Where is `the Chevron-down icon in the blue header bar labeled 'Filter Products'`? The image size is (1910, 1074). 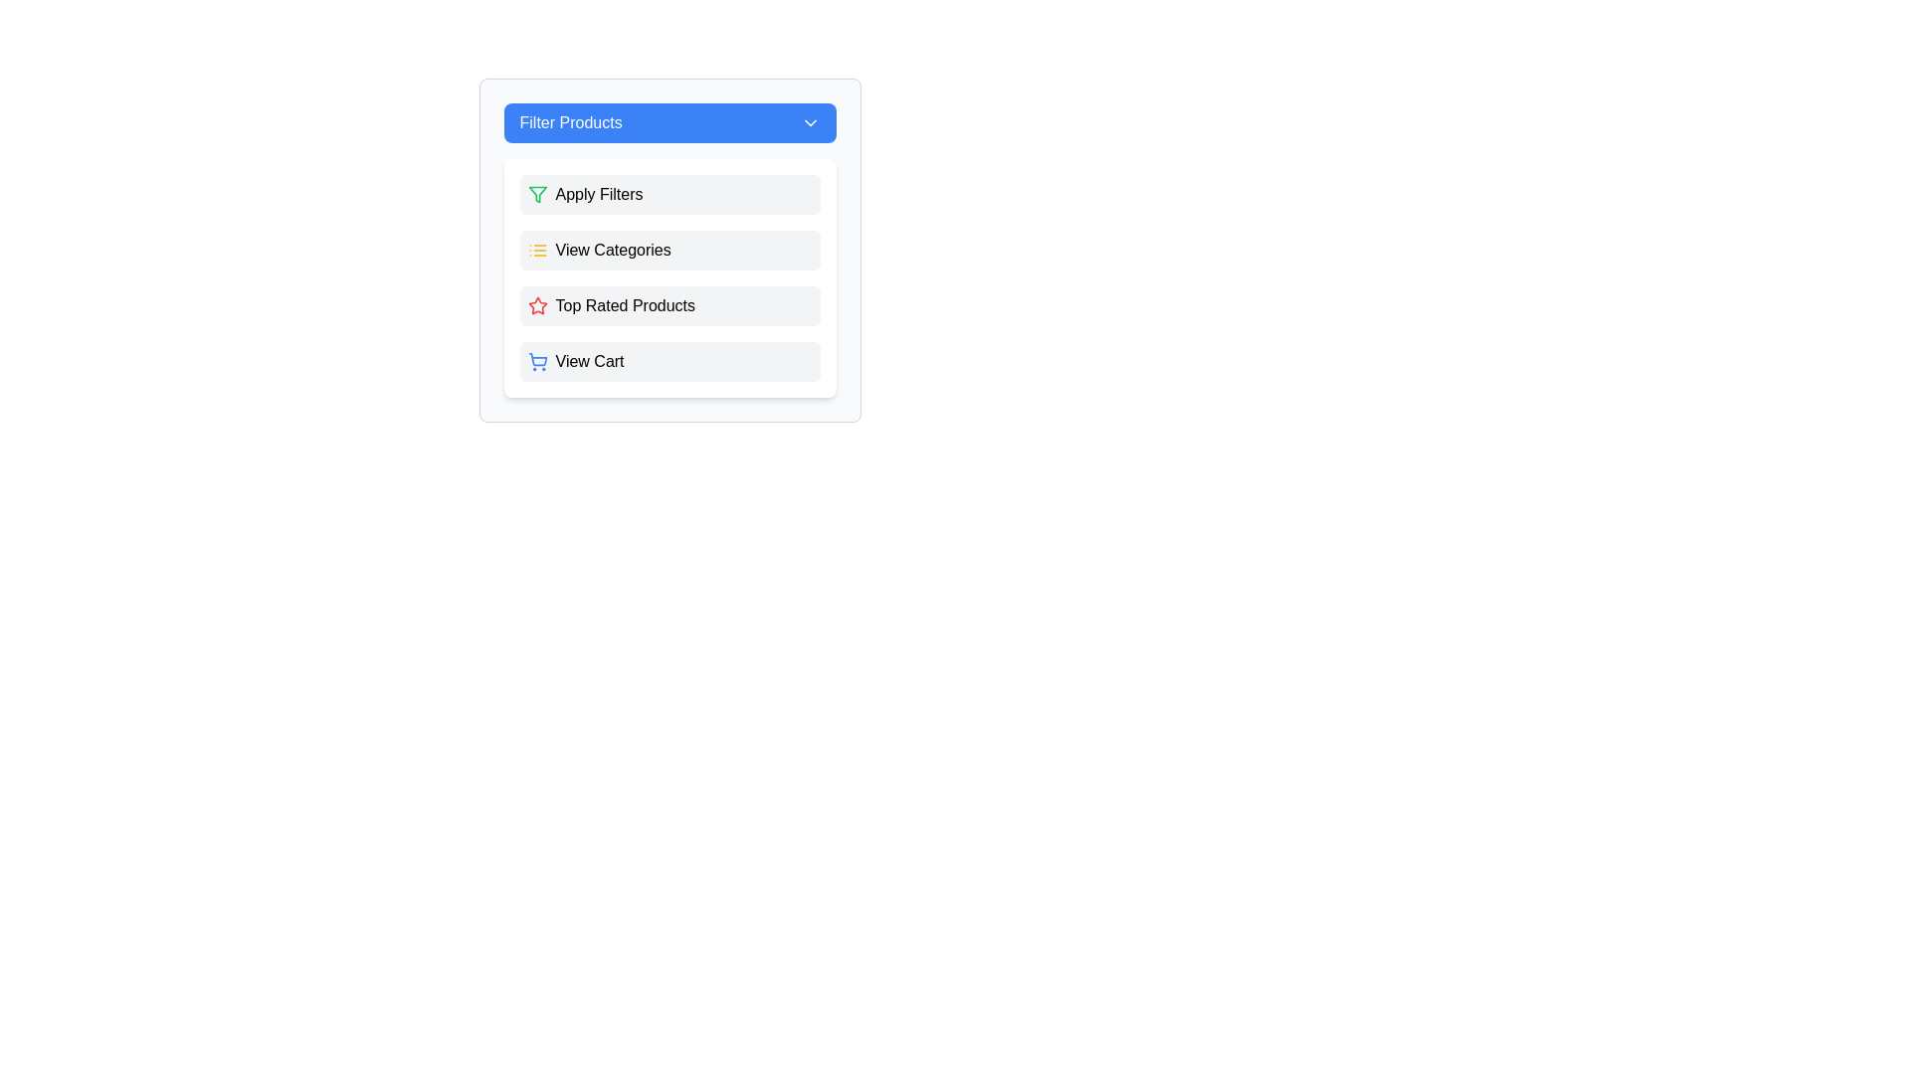 the Chevron-down icon in the blue header bar labeled 'Filter Products' is located at coordinates (810, 122).